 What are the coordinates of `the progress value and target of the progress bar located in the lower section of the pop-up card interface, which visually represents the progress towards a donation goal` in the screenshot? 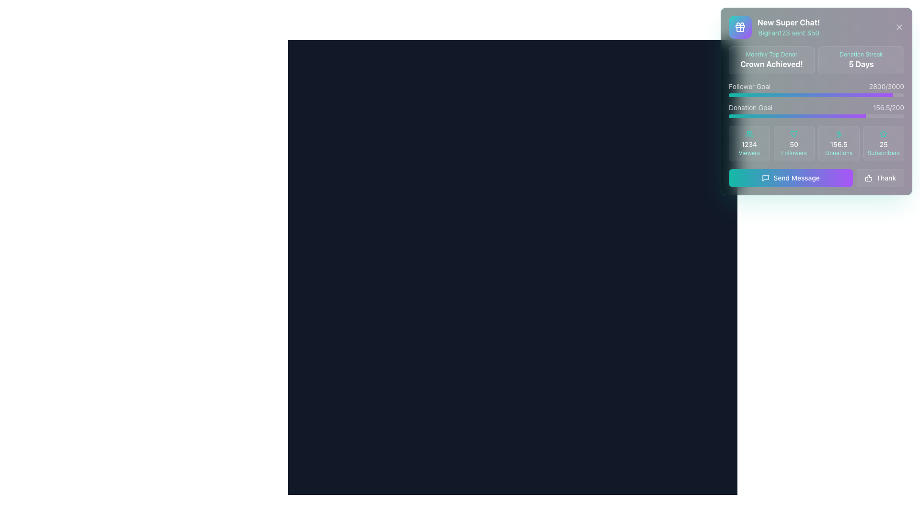 It's located at (816, 110).